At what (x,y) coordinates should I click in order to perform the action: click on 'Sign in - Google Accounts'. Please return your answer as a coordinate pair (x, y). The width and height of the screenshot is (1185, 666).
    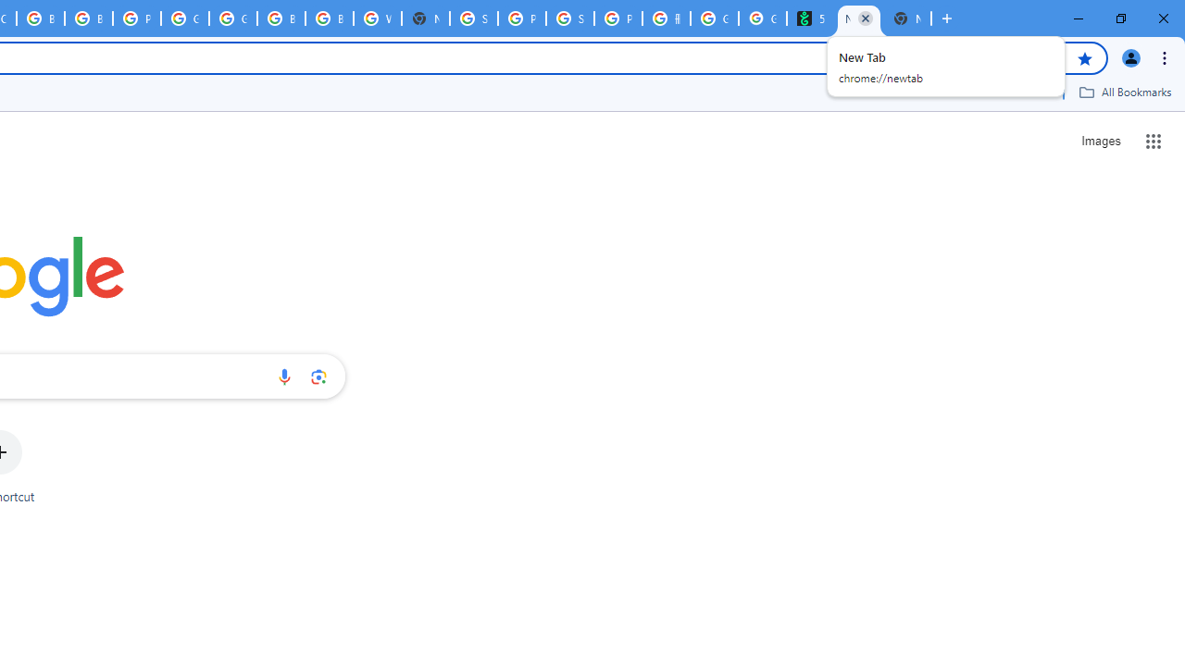
    Looking at the image, I should click on (474, 18).